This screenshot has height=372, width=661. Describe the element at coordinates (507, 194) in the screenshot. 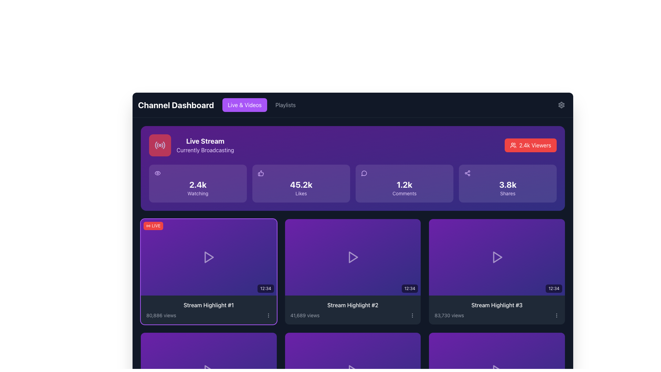

I see `the text label displaying 'Shares' in a small-sized, light purple font located at the bottom of a purple card component, below the value '3.8k'` at that location.